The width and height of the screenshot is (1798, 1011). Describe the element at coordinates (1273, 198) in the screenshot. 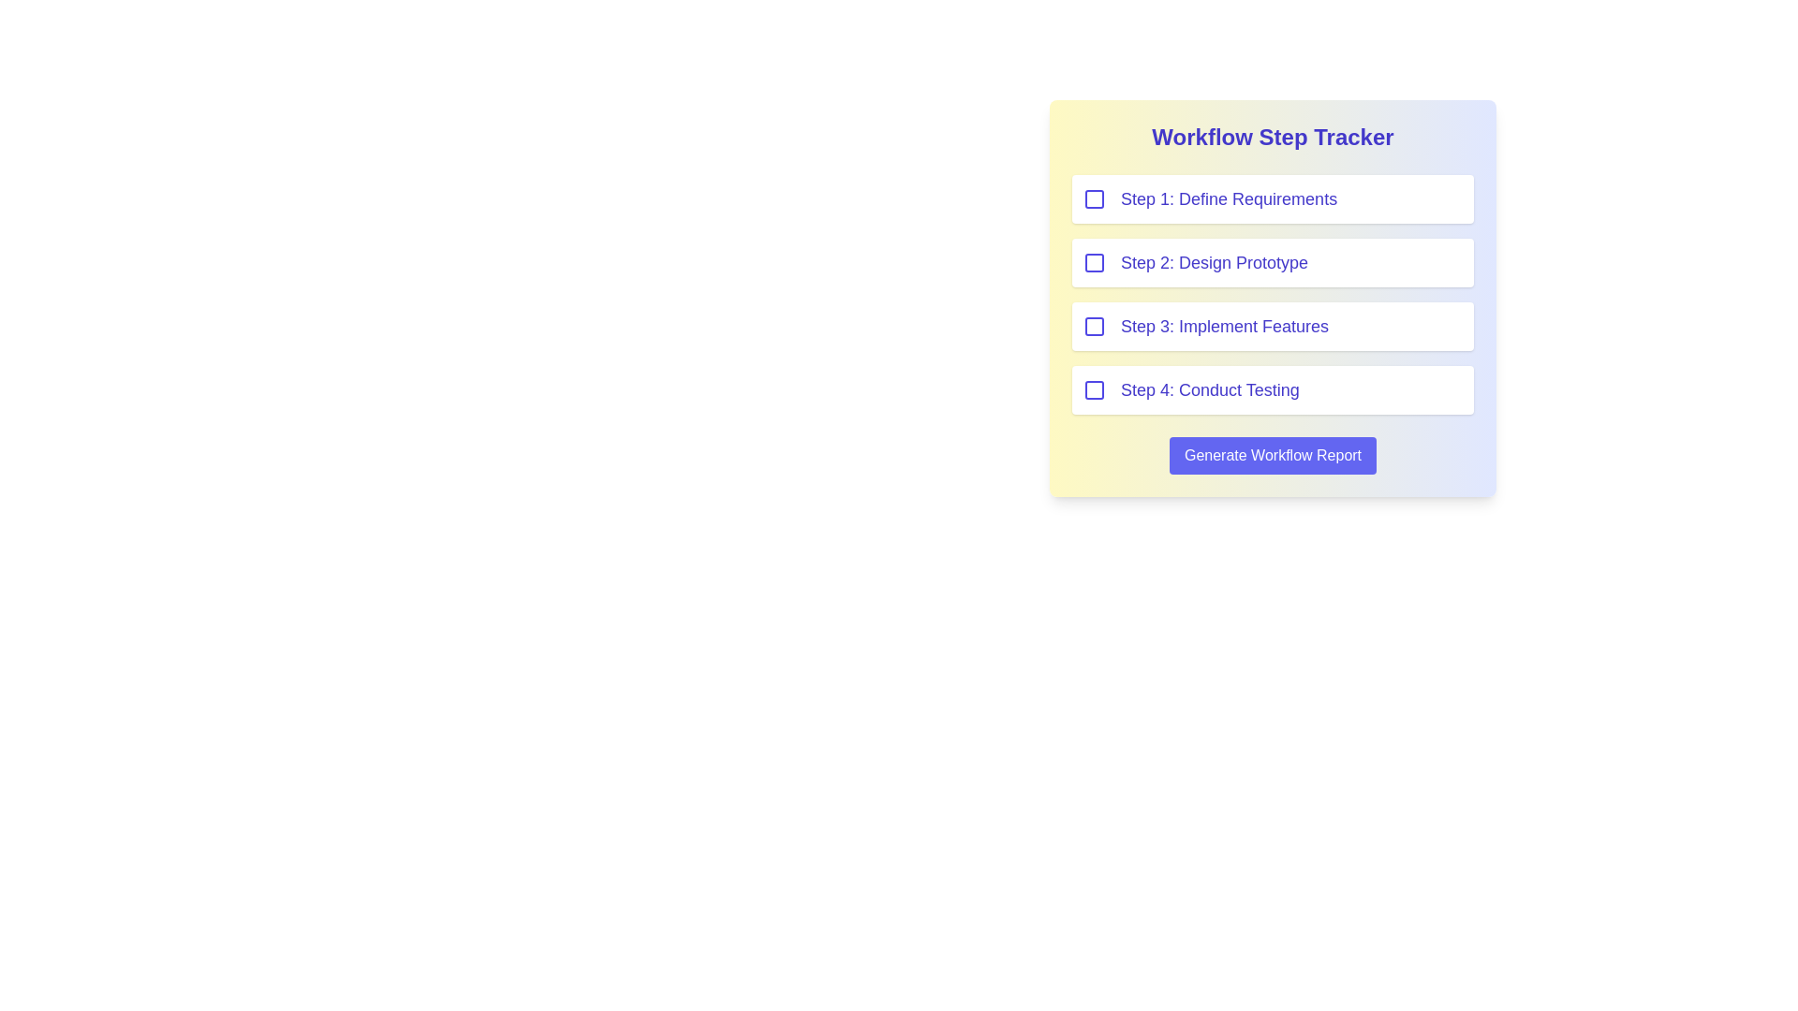

I see `the checkbox item labeled 'Step 1: Define Requirements' to edit the text` at that location.